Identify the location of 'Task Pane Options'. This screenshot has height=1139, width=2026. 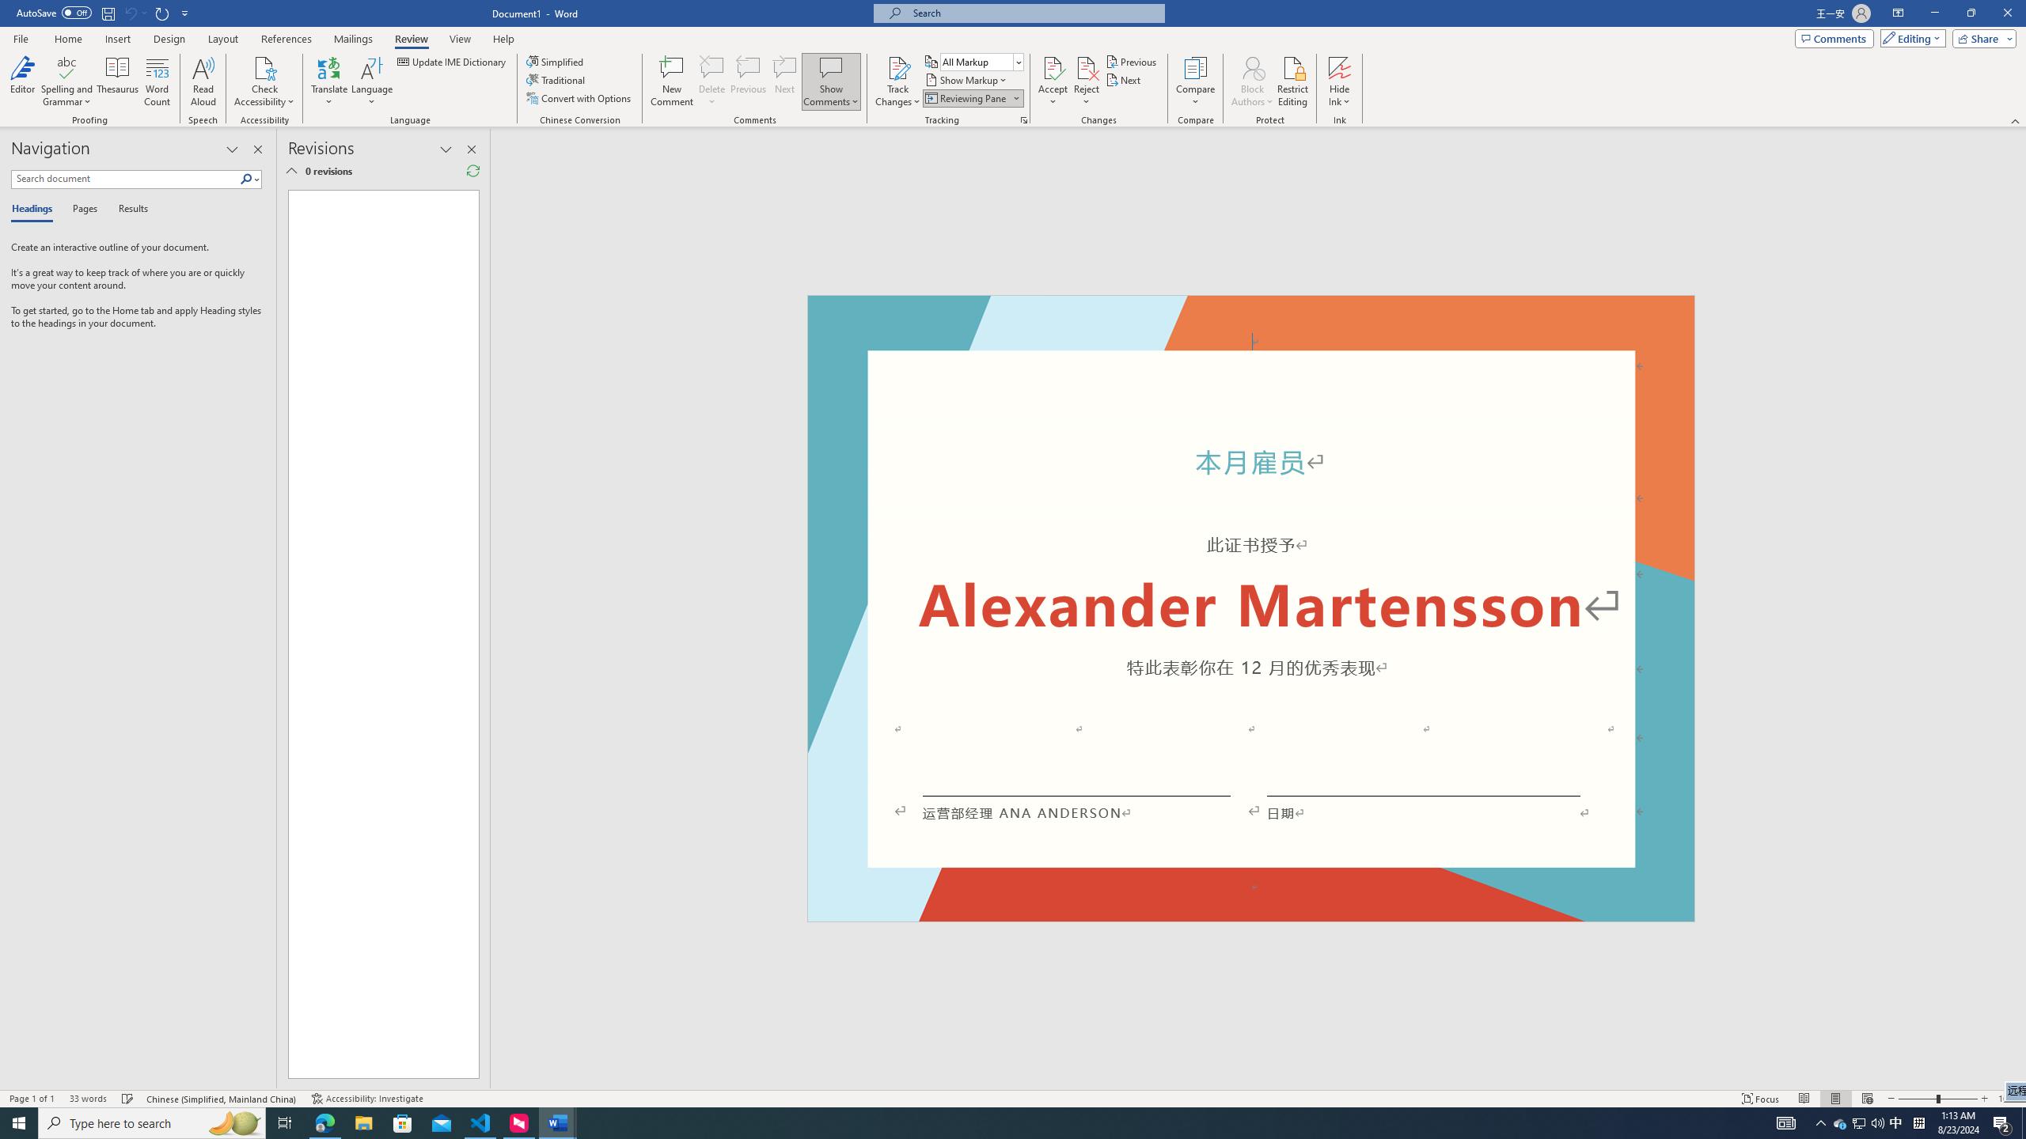
(232, 149).